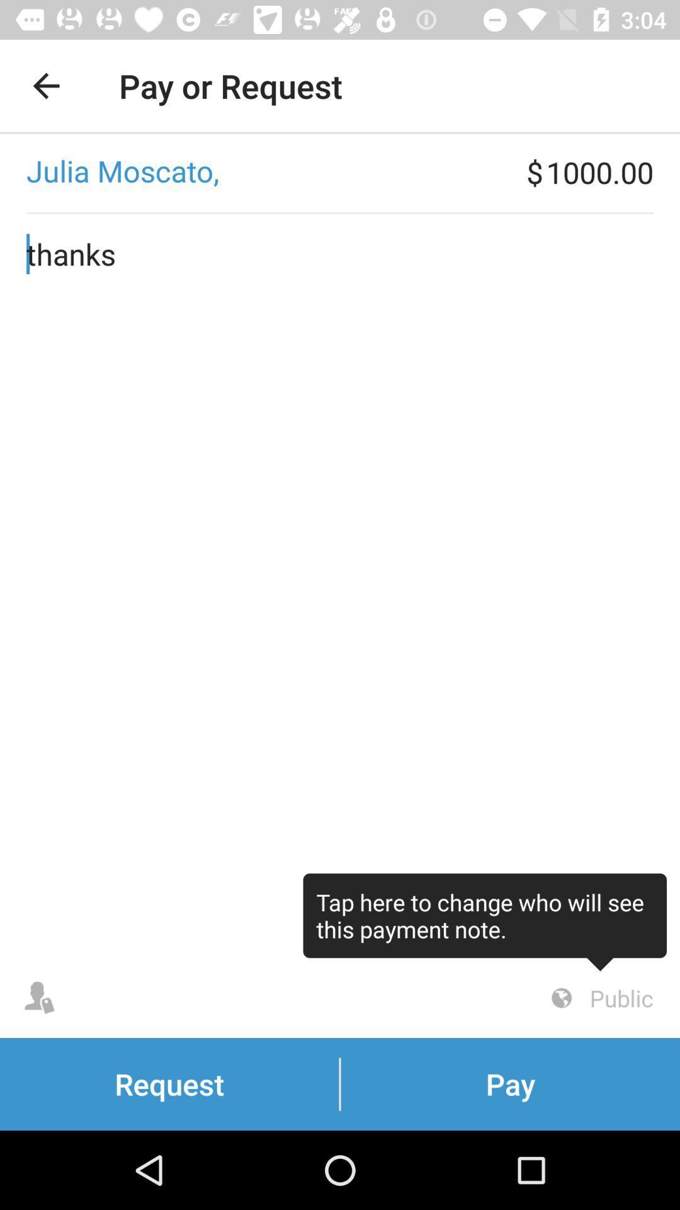 This screenshot has width=680, height=1210. Describe the element at coordinates (340, 585) in the screenshot. I see `icon at the center` at that location.